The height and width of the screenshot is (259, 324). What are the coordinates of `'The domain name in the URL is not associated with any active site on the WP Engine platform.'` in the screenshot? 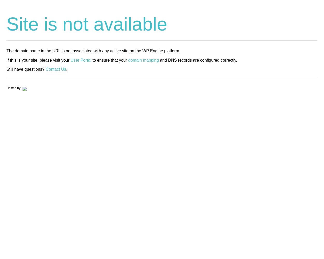 It's located at (93, 51).